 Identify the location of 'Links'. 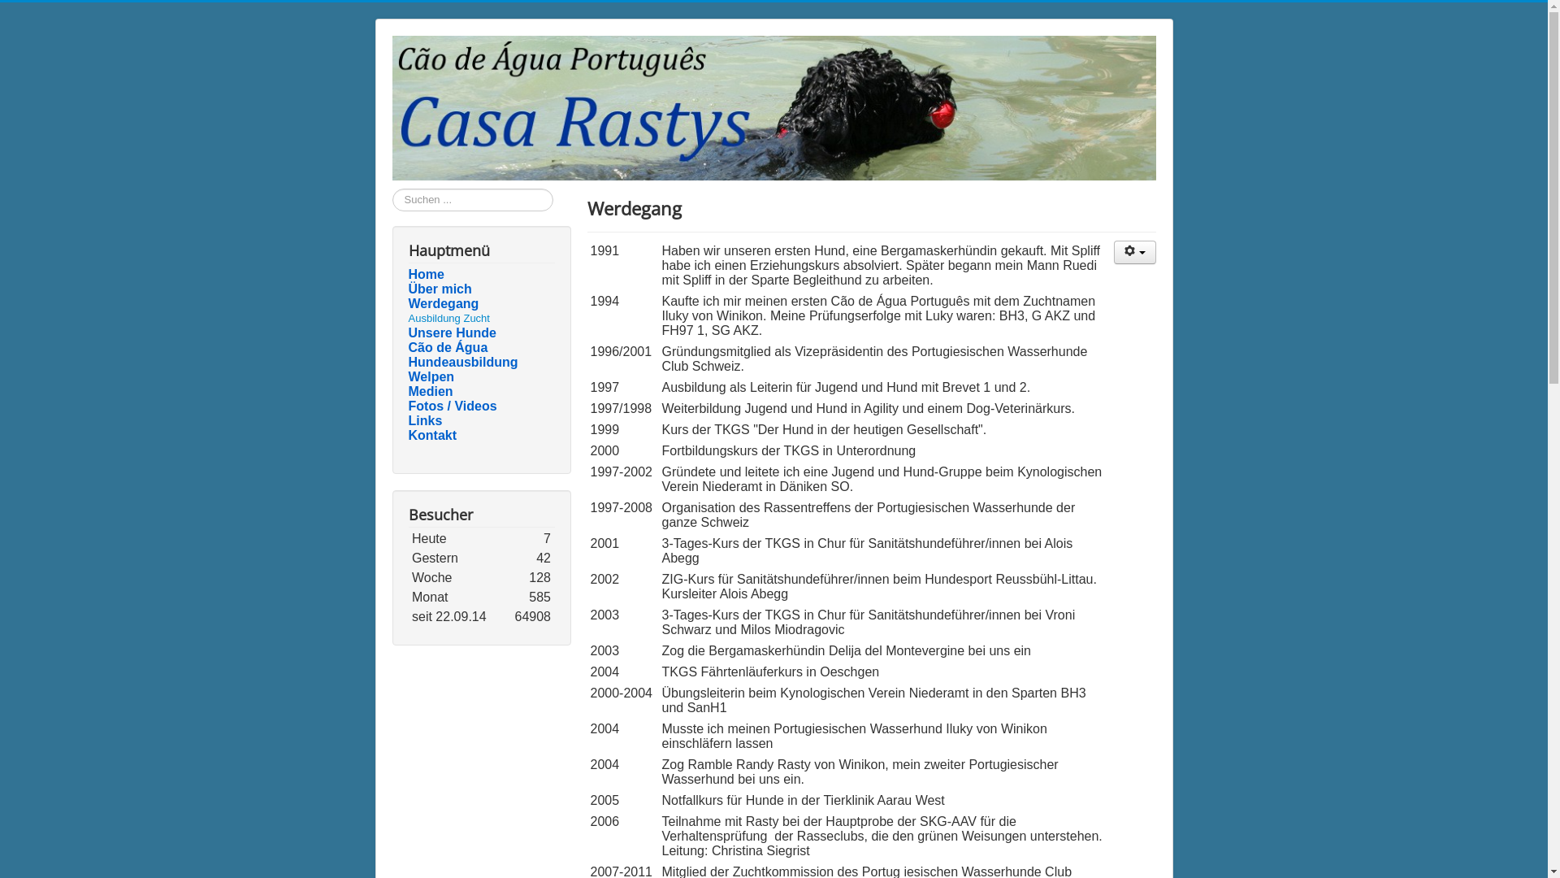
(408, 419).